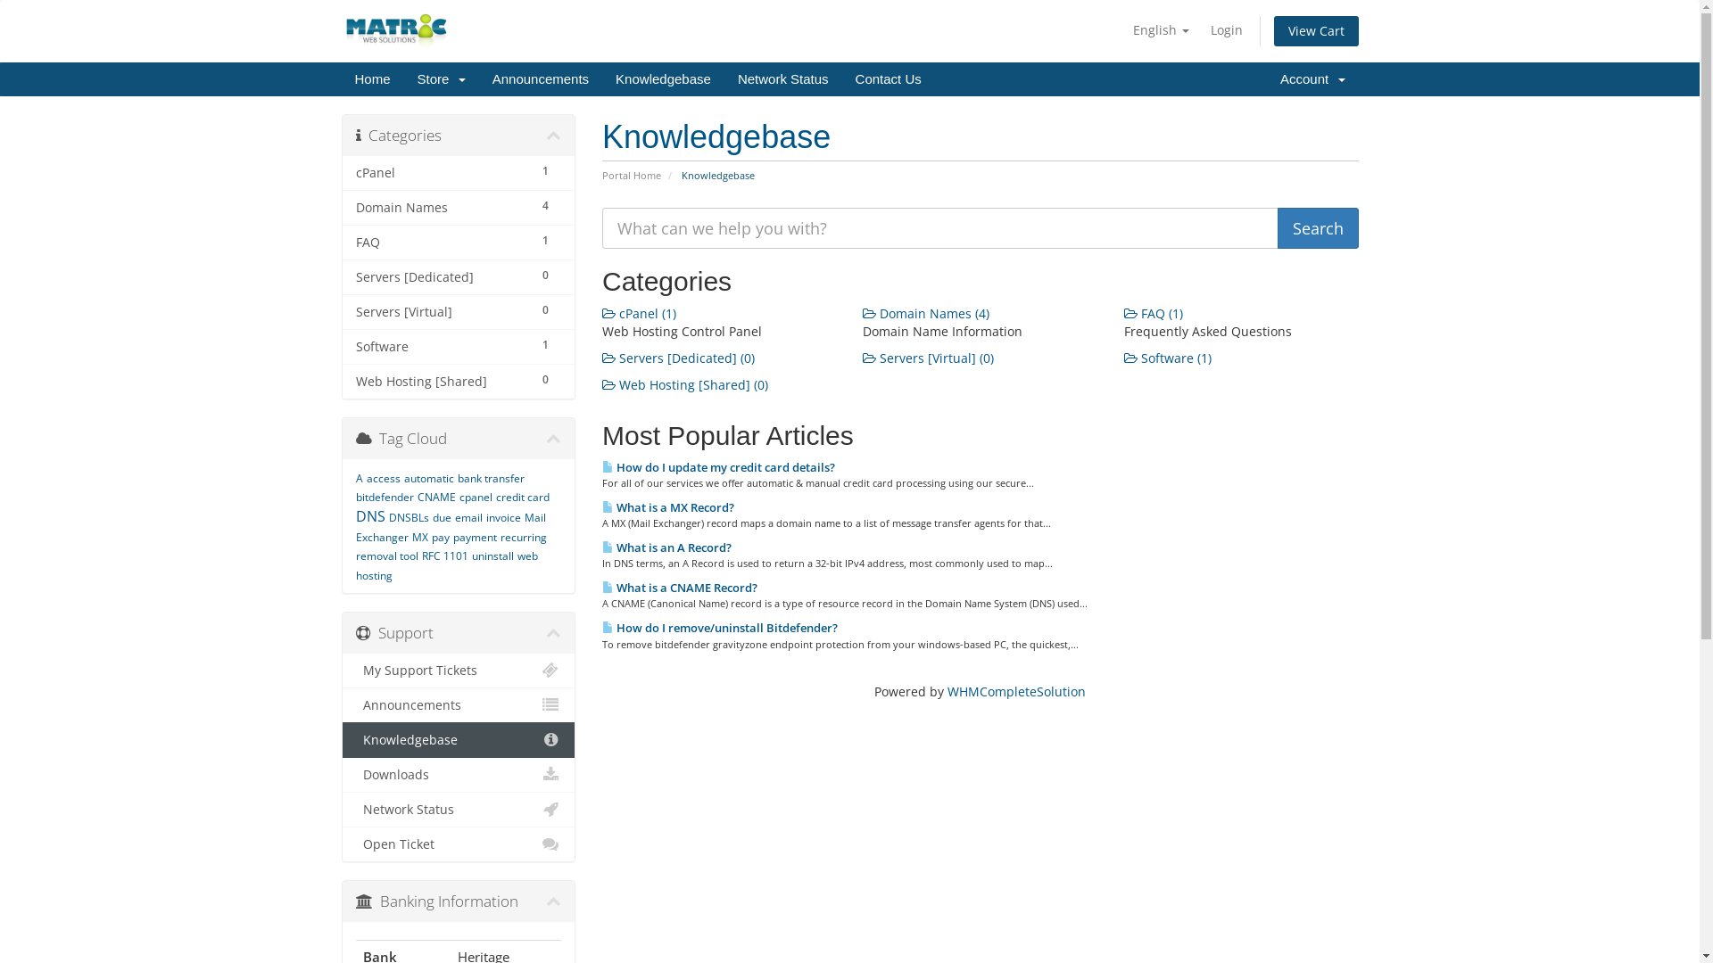  What do you see at coordinates (459, 311) in the screenshot?
I see `'0` at bounding box center [459, 311].